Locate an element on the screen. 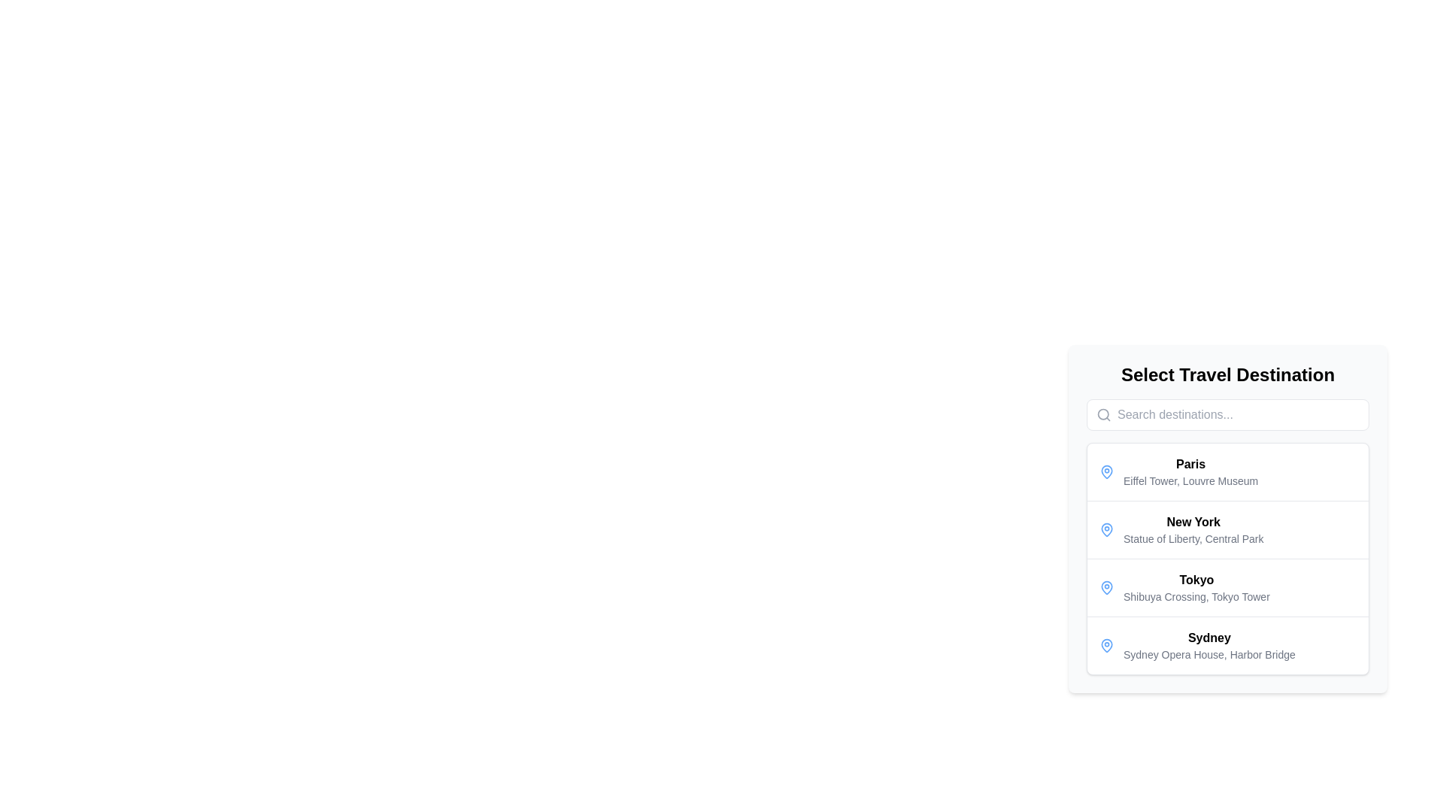 This screenshot has height=812, width=1443. the location pin icon representing the 'Tokyo' destination, which is located to the left of the text 'Tokyo' in the third row of the list is located at coordinates (1107, 586).